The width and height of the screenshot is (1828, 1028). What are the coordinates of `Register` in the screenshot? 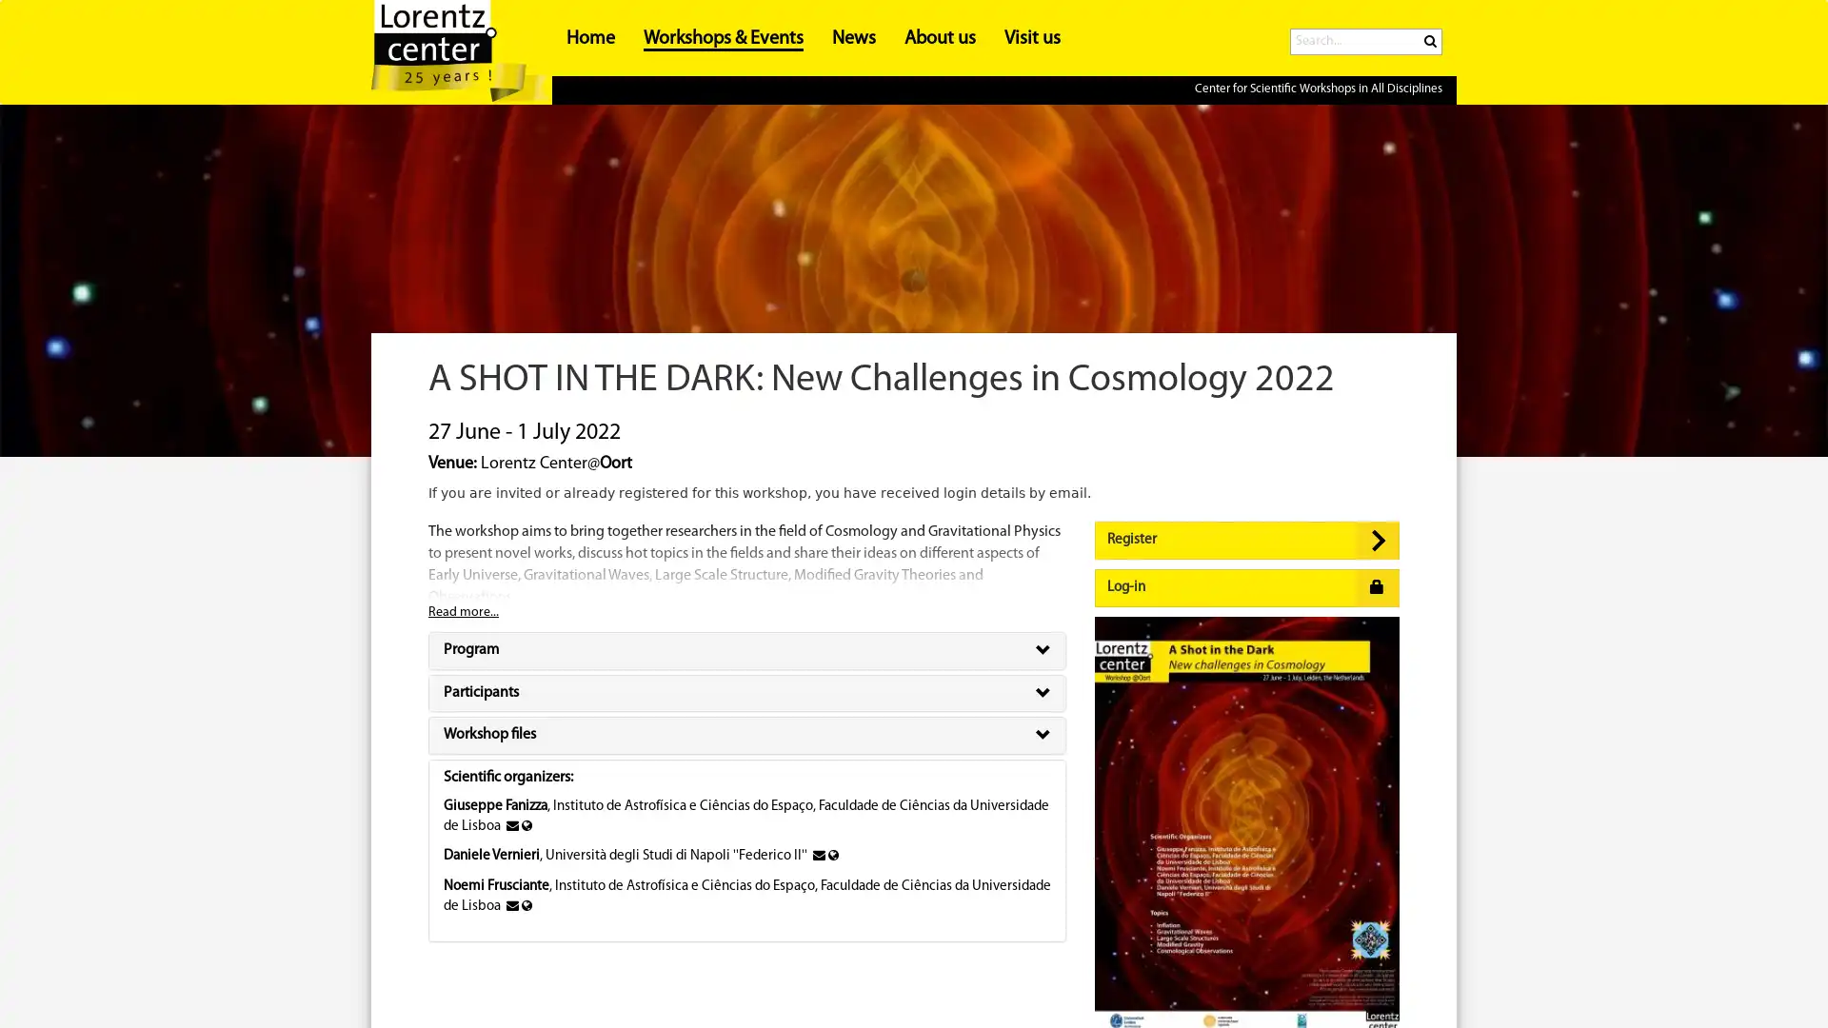 It's located at (1247, 540).